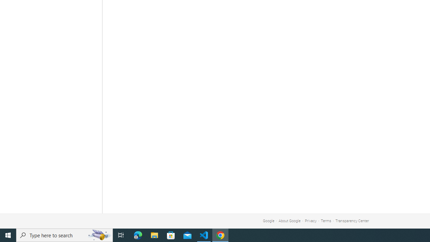 The image size is (430, 242). Describe the element at coordinates (290, 221) in the screenshot. I see `'About Google'` at that location.